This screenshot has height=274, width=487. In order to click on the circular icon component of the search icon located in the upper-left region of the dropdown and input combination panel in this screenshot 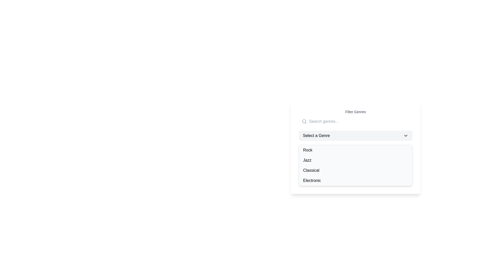, I will do `click(304, 121)`.